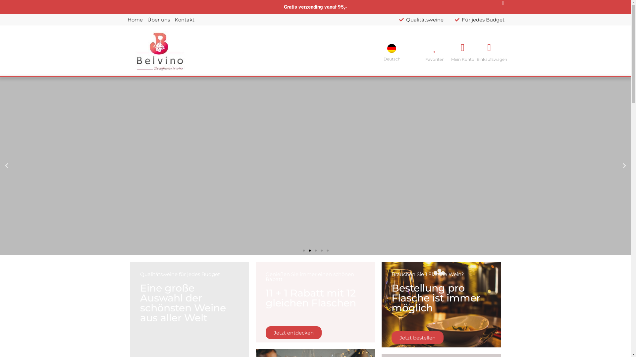  Describe the element at coordinates (134, 20) in the screenshot. I see `'Home'` at that location.